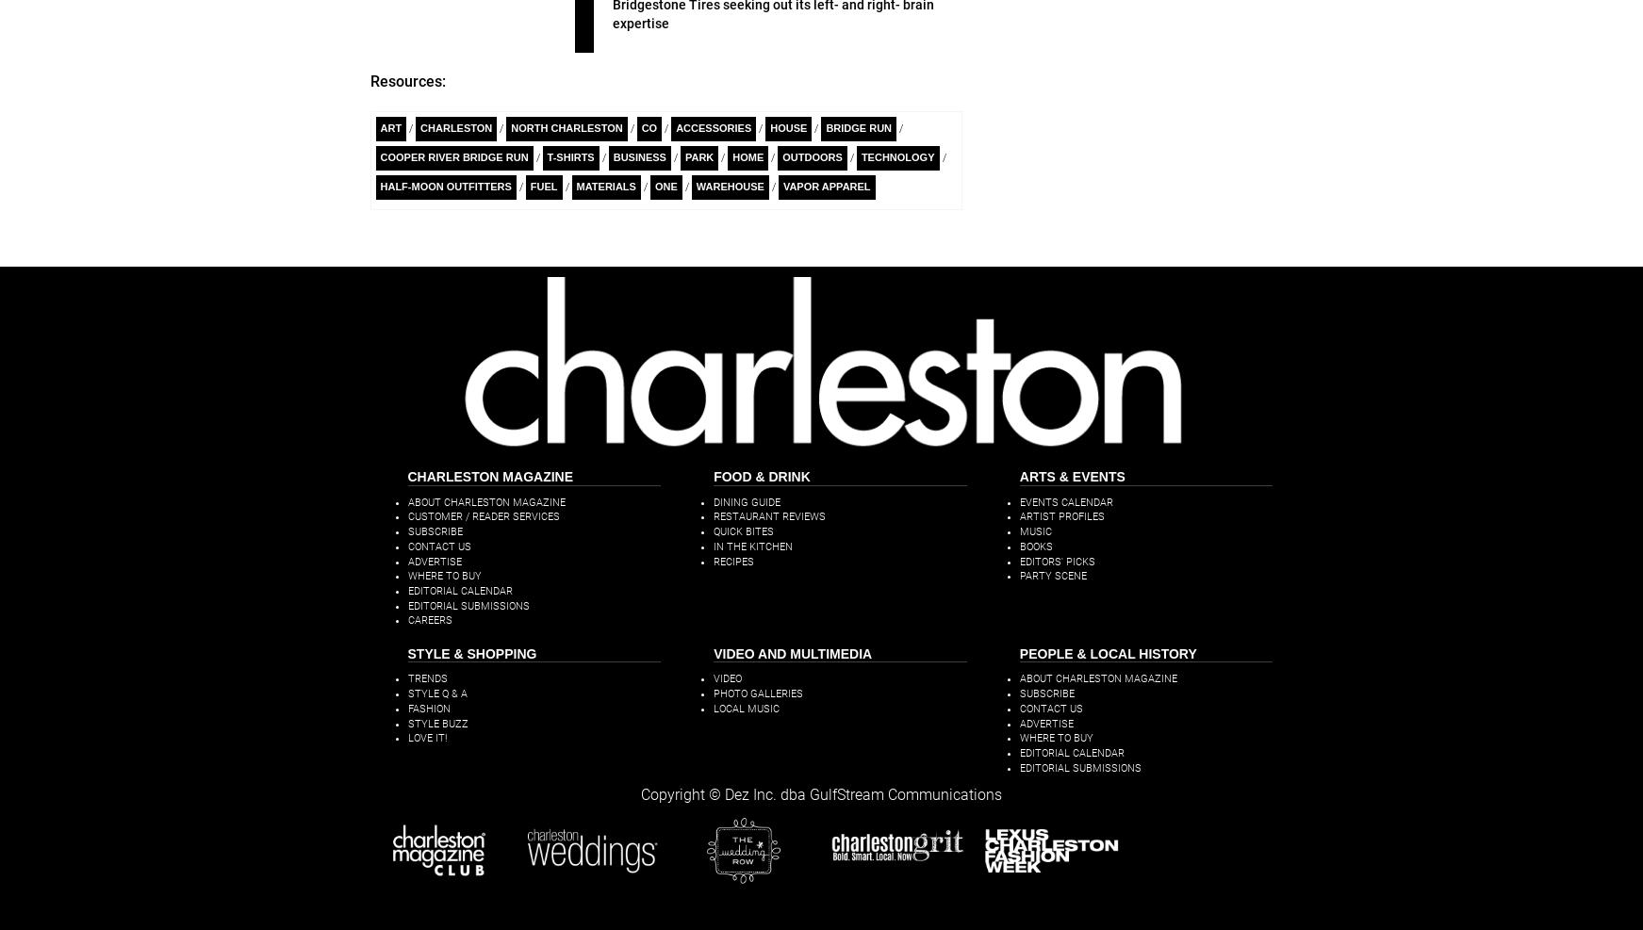  I want to click on 'PARTY SCENE', so click(1051, 575).